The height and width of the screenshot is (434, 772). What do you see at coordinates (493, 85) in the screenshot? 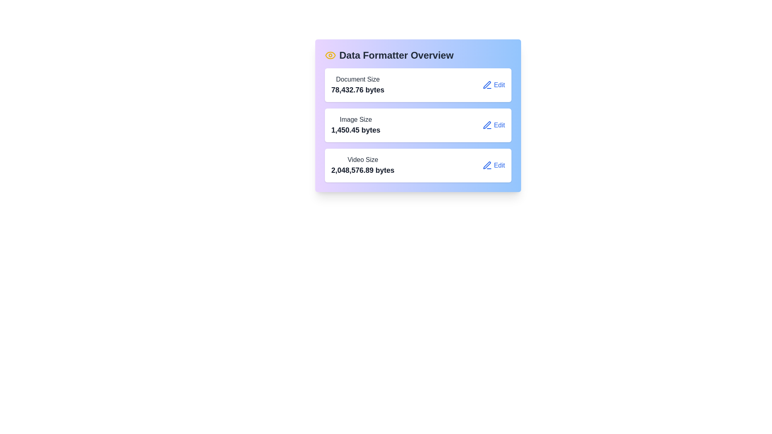
I see `the 'Edit' hyperlink with a pen icon located on the right side of the 'Document Size' row for keyboard accessibility` at bounding box center [493, 85].